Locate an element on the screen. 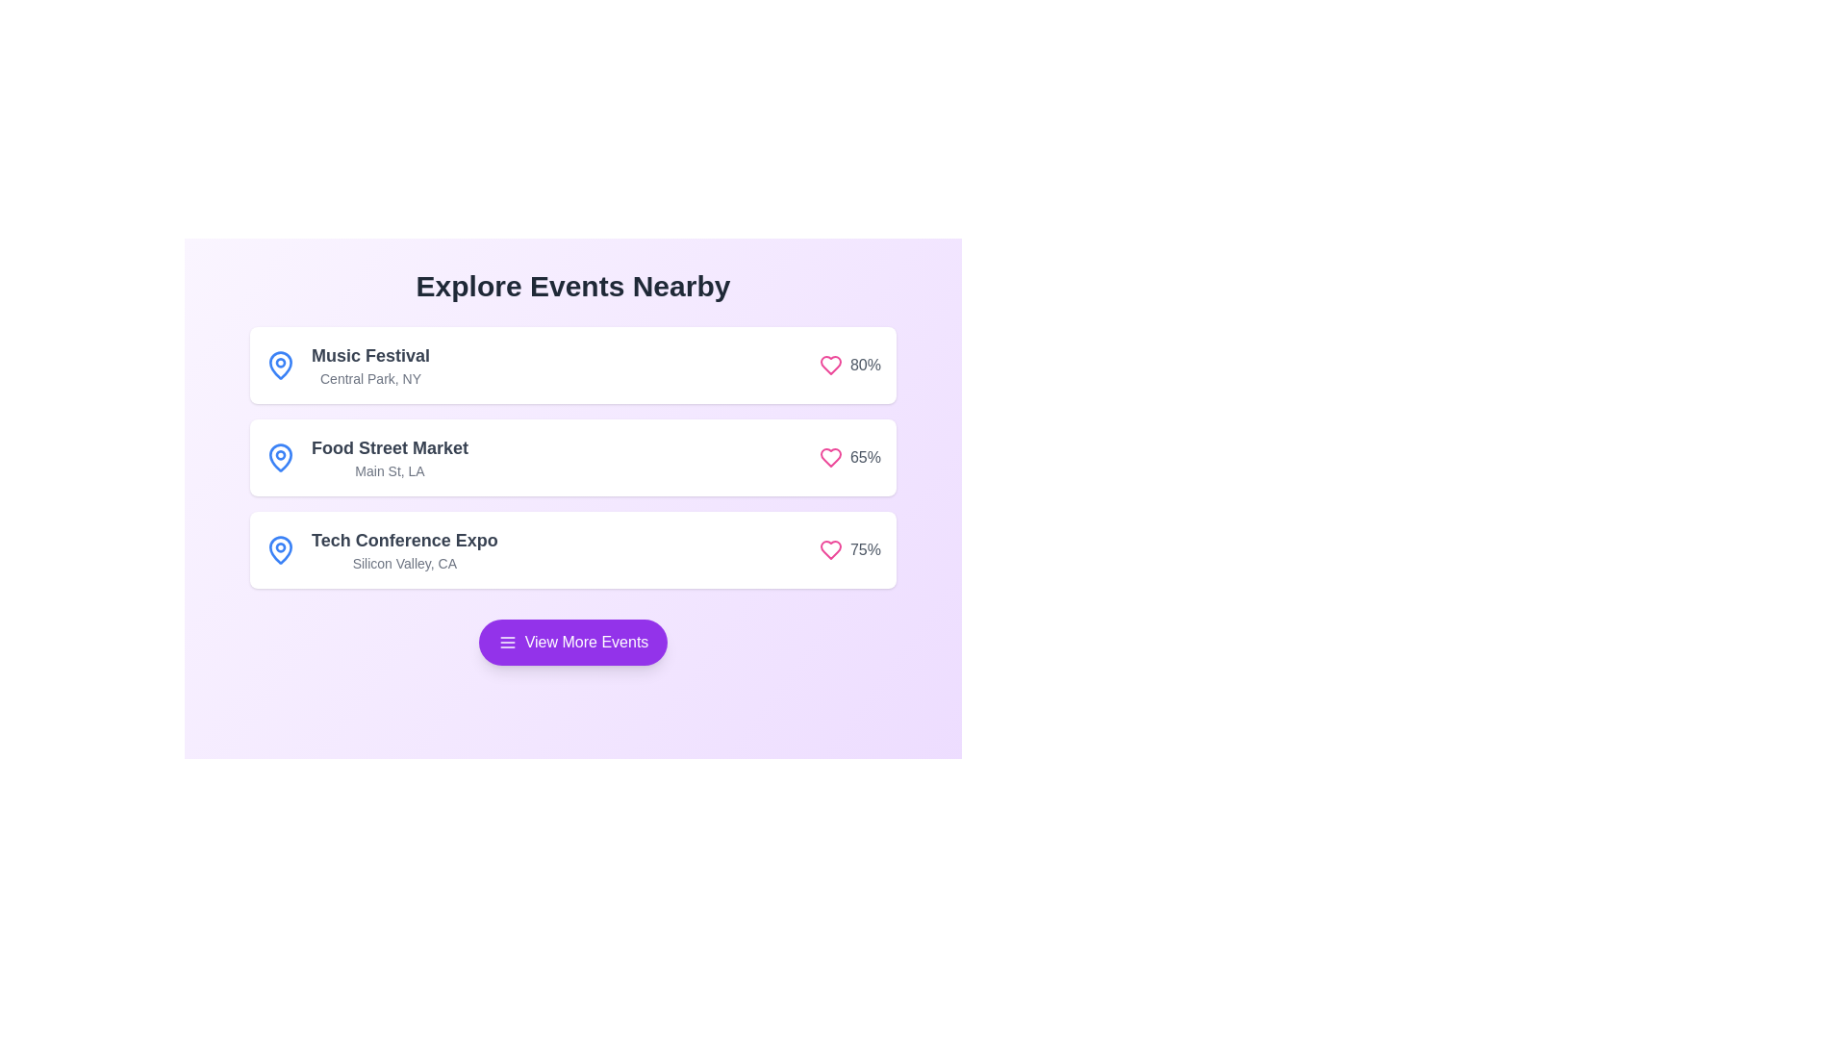  the rounded button with a purple background and white text reading 'View More Events' is located at coordinates (571, 642).